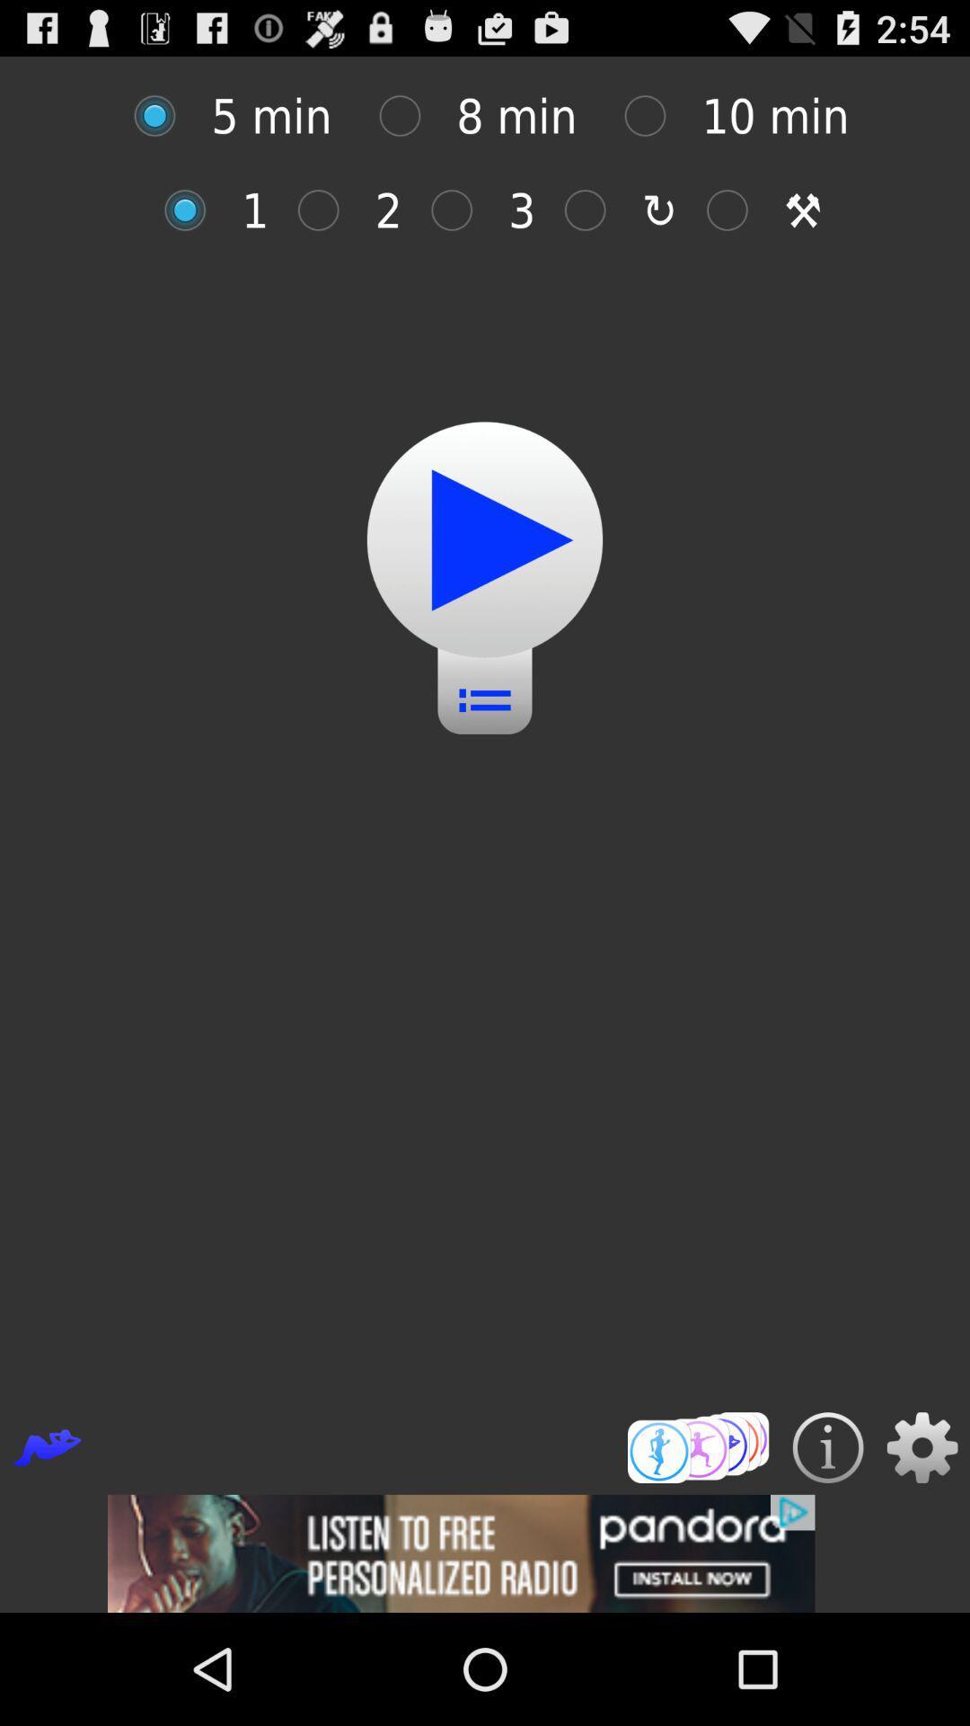 Image resolution: width=970 pixels, height=1726 pixels. I want to click on button, so click(328, 210).